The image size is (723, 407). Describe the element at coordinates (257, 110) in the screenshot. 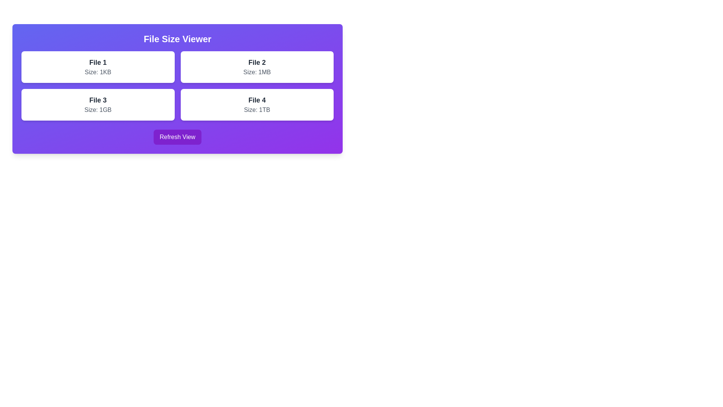

I see `text label that displays 'Size: 1TB', which is styled with a gray font color and centered within a white background card labeled 'File 4'` at that location.